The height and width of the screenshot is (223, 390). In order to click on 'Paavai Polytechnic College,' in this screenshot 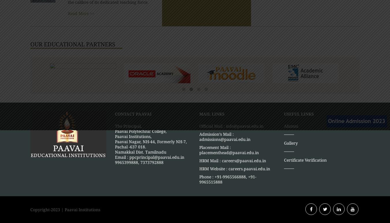, I will do `click(140, 131)`.